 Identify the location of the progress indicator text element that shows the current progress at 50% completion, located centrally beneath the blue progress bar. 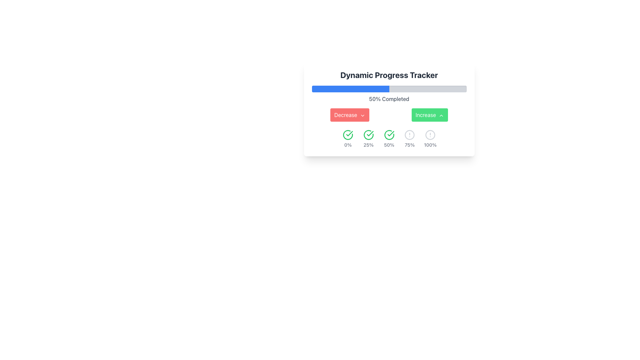
(389, 99).